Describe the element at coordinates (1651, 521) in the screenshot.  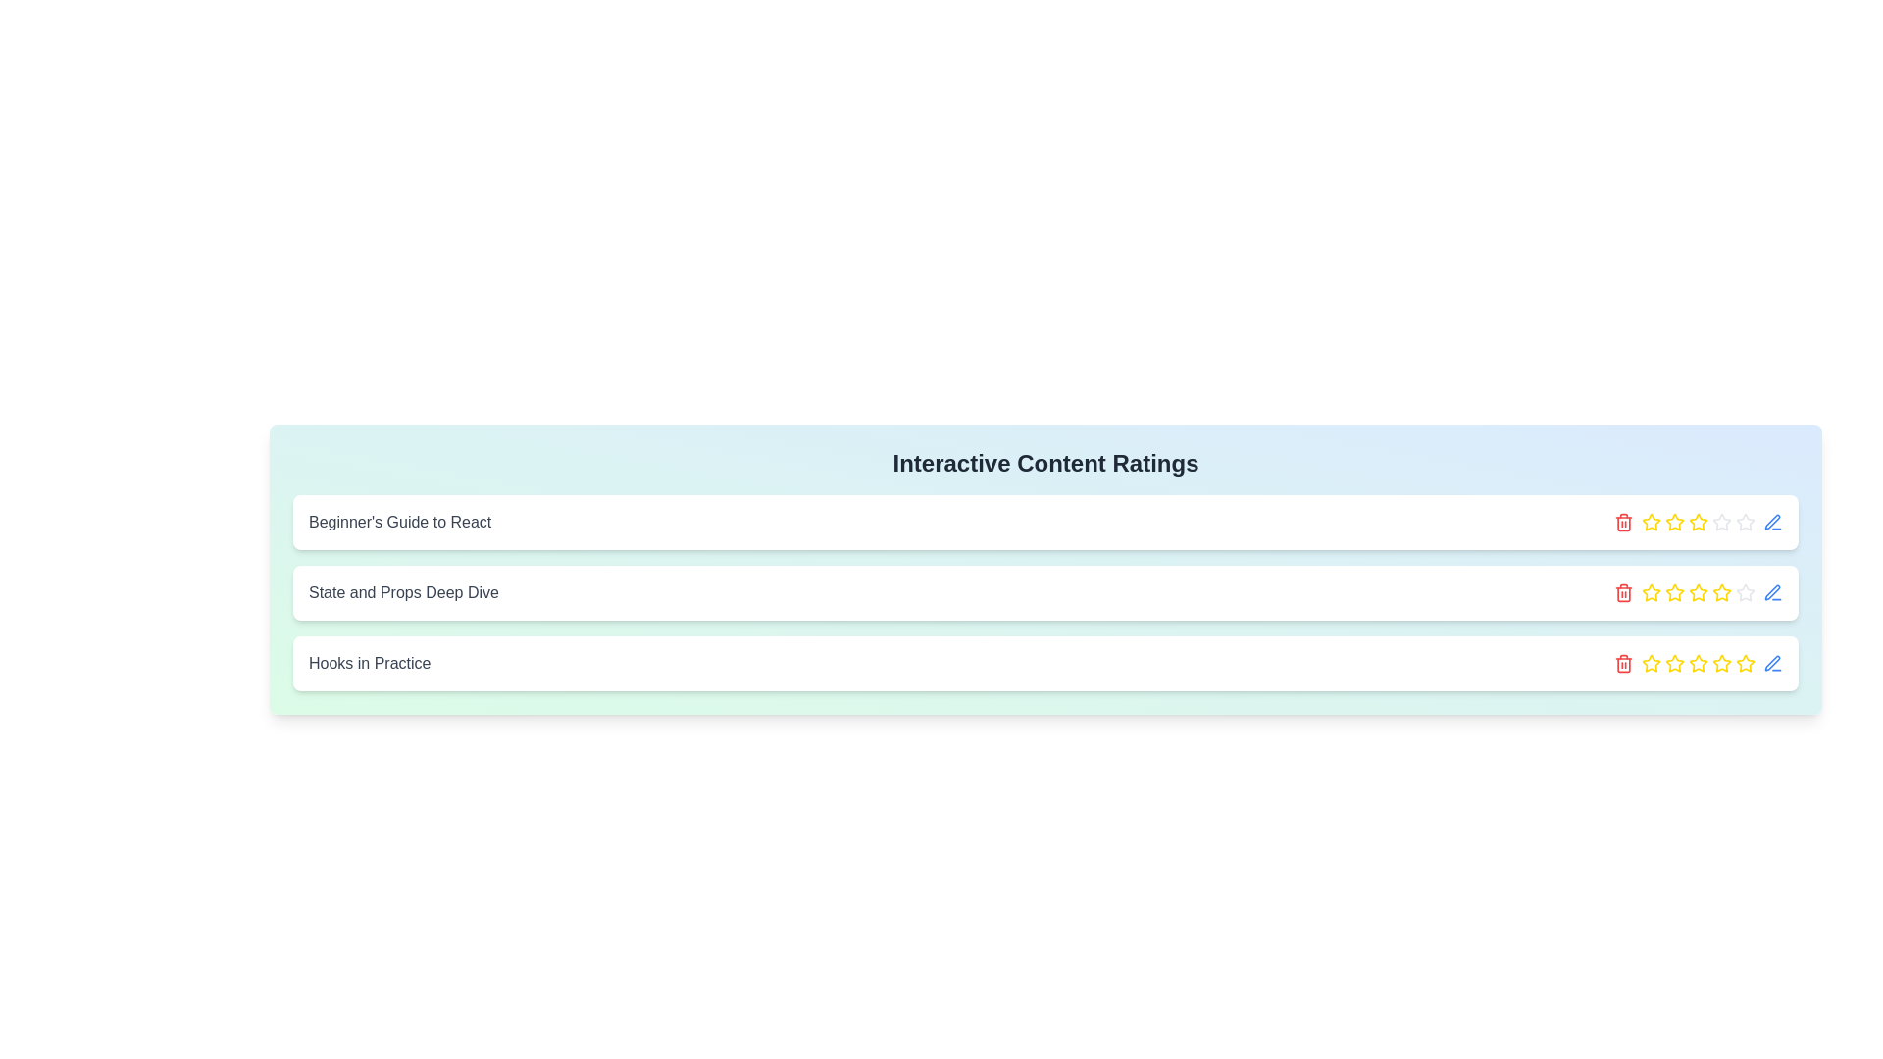
I see `the second star icon` at that location.